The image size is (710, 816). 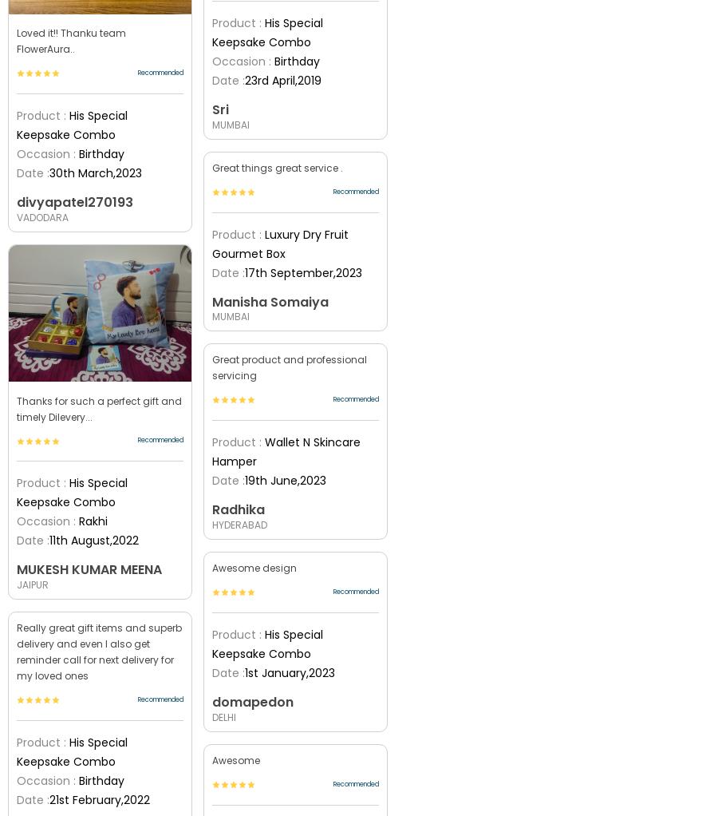 I want to click on '5100', so click(x=222, y=26).